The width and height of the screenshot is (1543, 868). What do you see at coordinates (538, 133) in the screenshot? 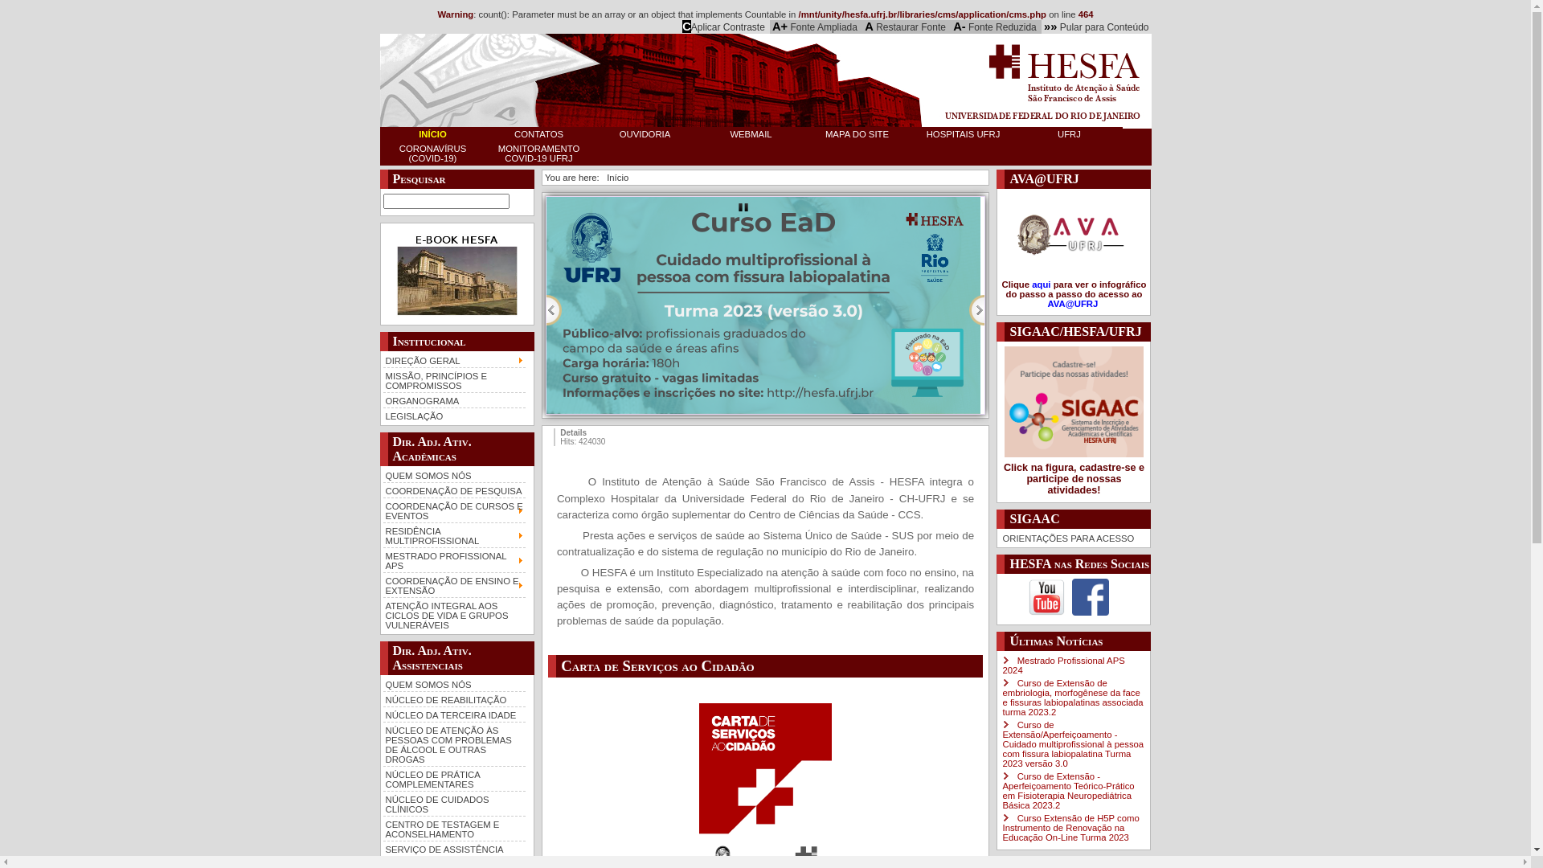
I see `'CONTATOS'` at bounding box center [538, 133].